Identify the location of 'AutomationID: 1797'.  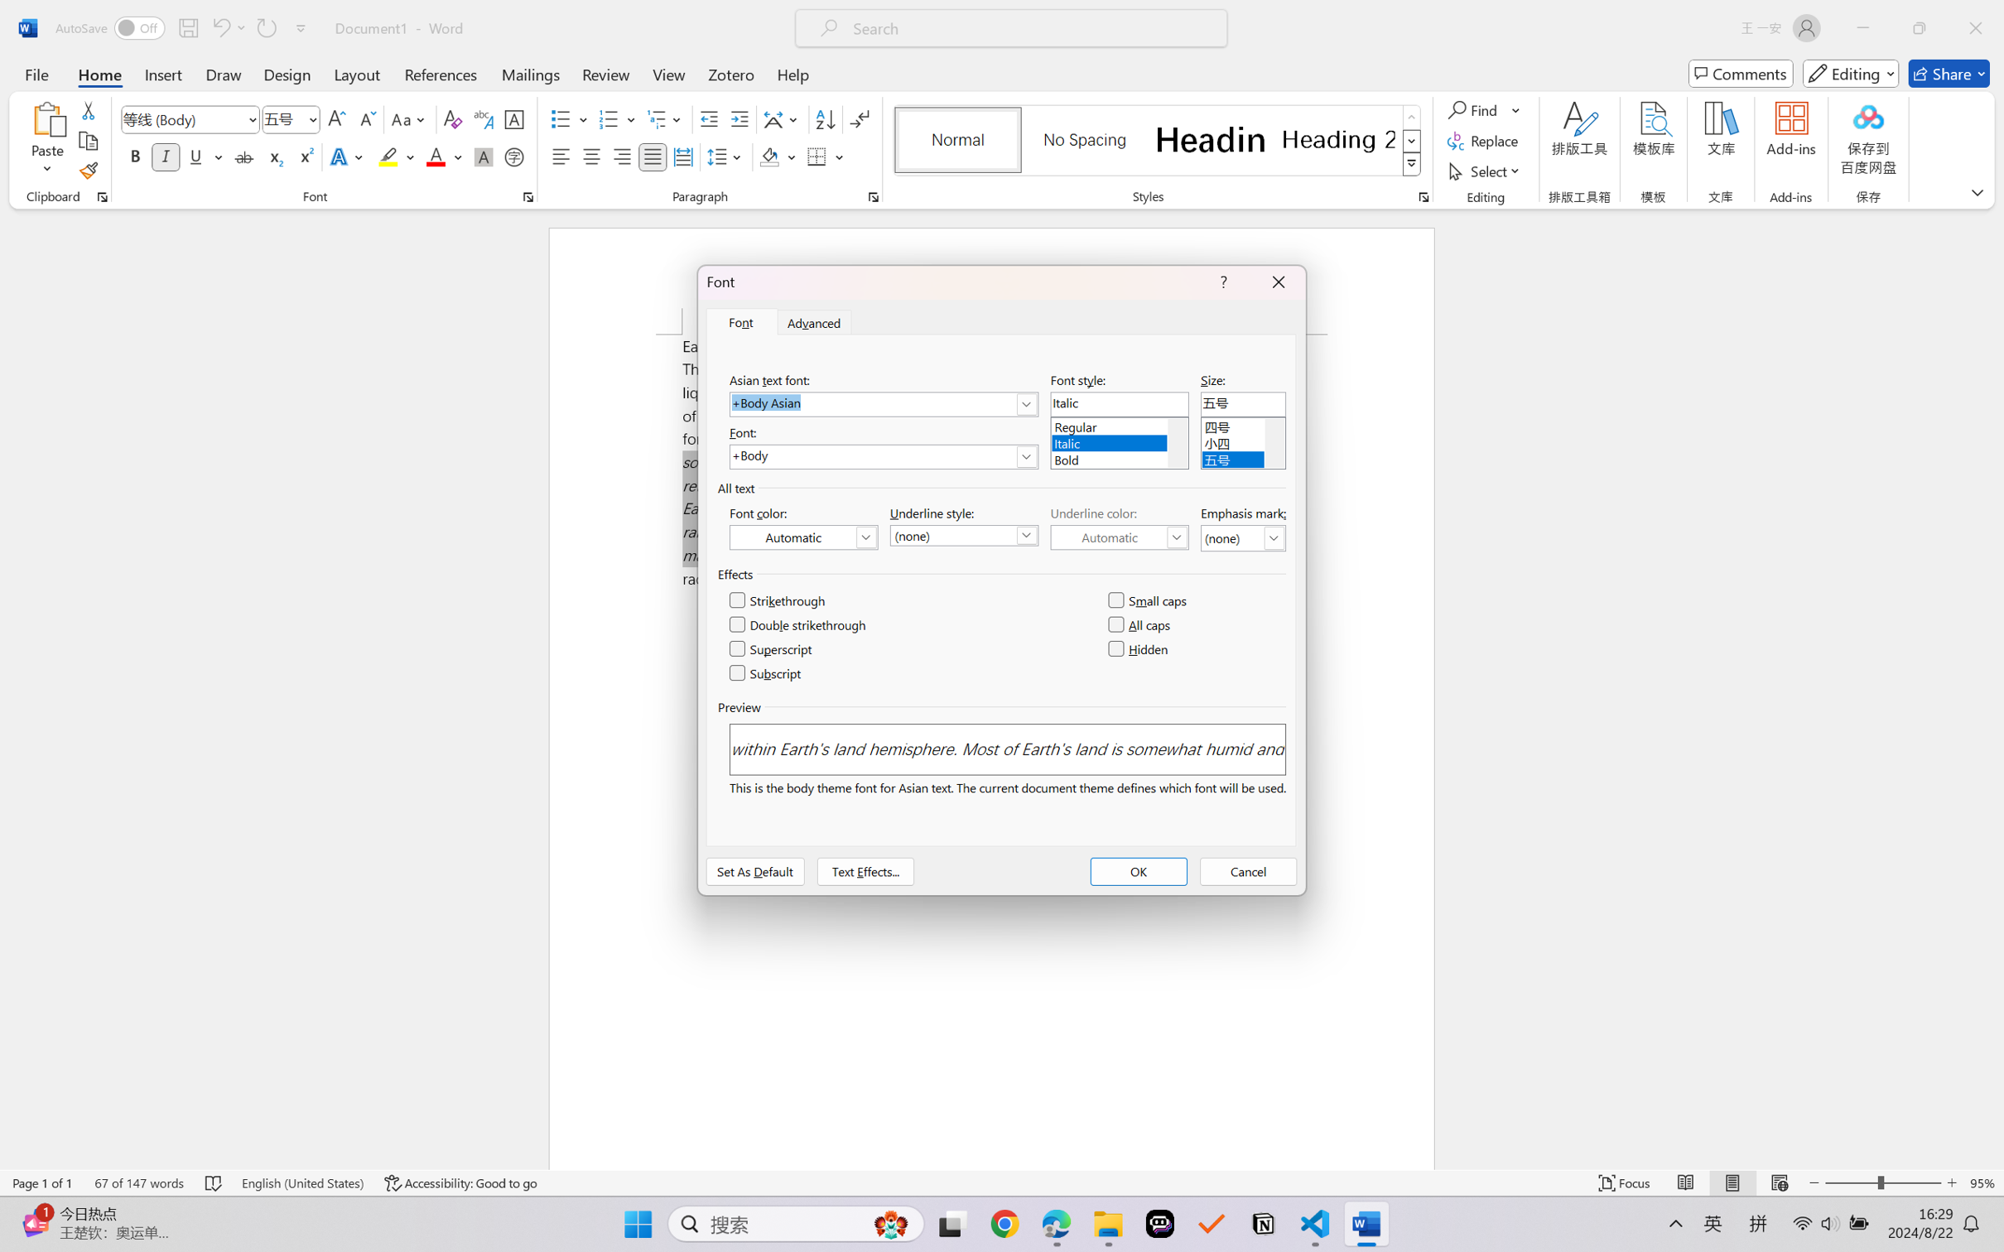
(1274, 443).